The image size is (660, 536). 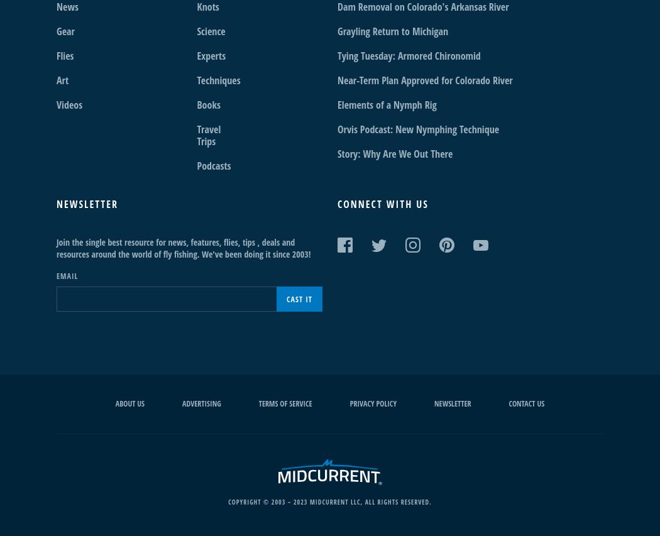 I want to click on 'Near-Term Plan Approved for Colorado River', so click(x=424, y=80).